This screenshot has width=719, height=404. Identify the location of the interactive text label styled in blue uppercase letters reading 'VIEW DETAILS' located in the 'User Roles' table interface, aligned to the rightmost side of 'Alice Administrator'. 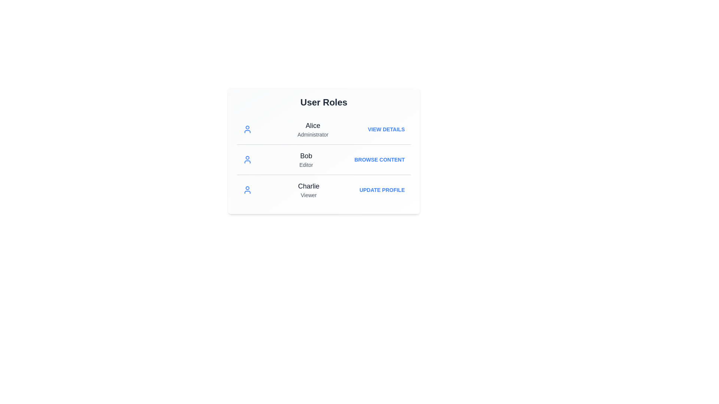
(386, 129).